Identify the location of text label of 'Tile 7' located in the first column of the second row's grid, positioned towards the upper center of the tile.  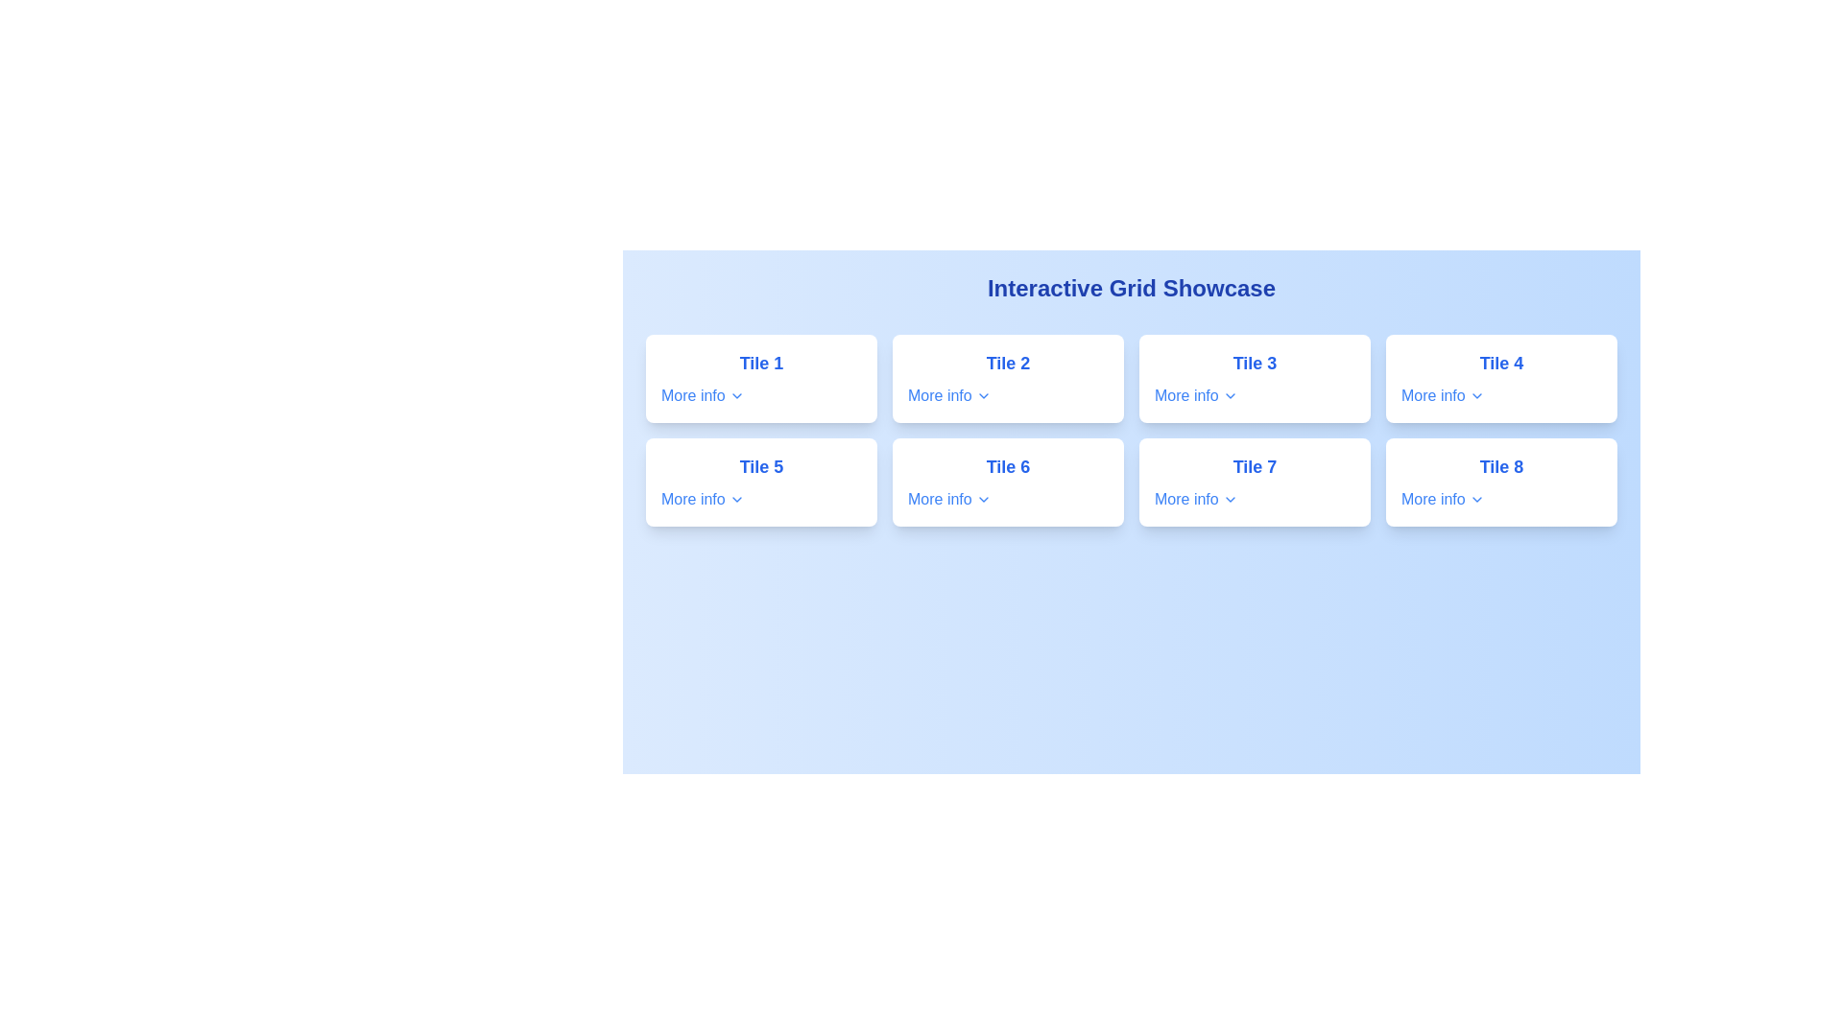
(1255, 466).